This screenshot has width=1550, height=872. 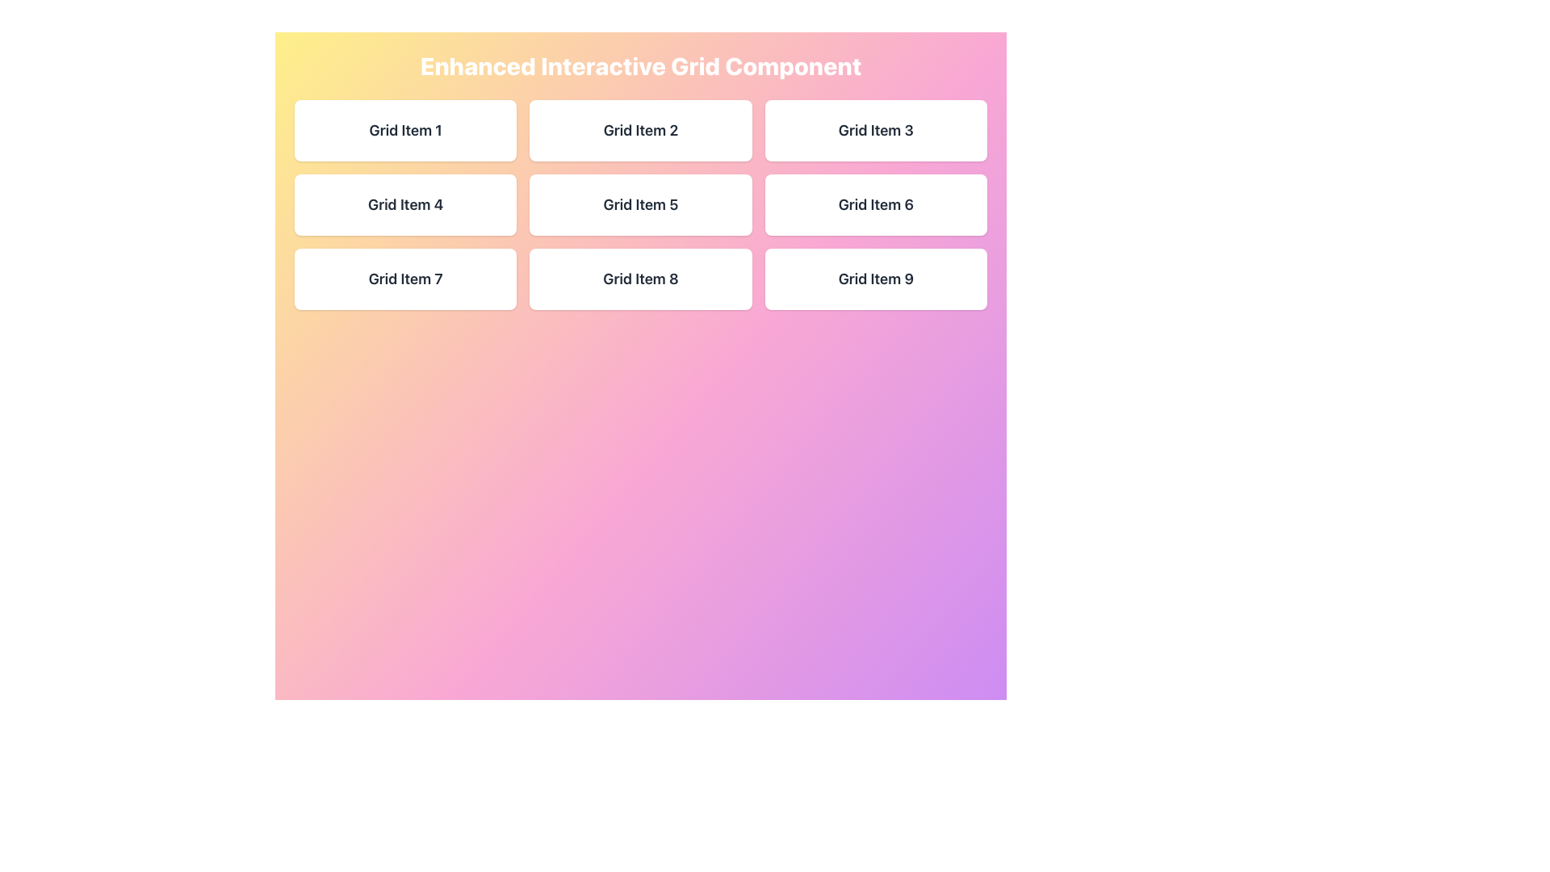 What do you see at coordinates (405, 130) in the screenshot?
I see `the interactive button located in the first column and first row of the 3x3 grid` at bounding box center [405, 130].